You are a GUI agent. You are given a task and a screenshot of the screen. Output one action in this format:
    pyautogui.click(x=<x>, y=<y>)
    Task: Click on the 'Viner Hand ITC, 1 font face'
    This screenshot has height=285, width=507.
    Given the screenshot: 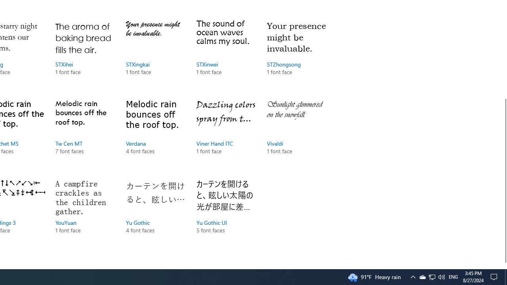 What is the action you would take?
    pyautogui.click(x=225, y=134)
    